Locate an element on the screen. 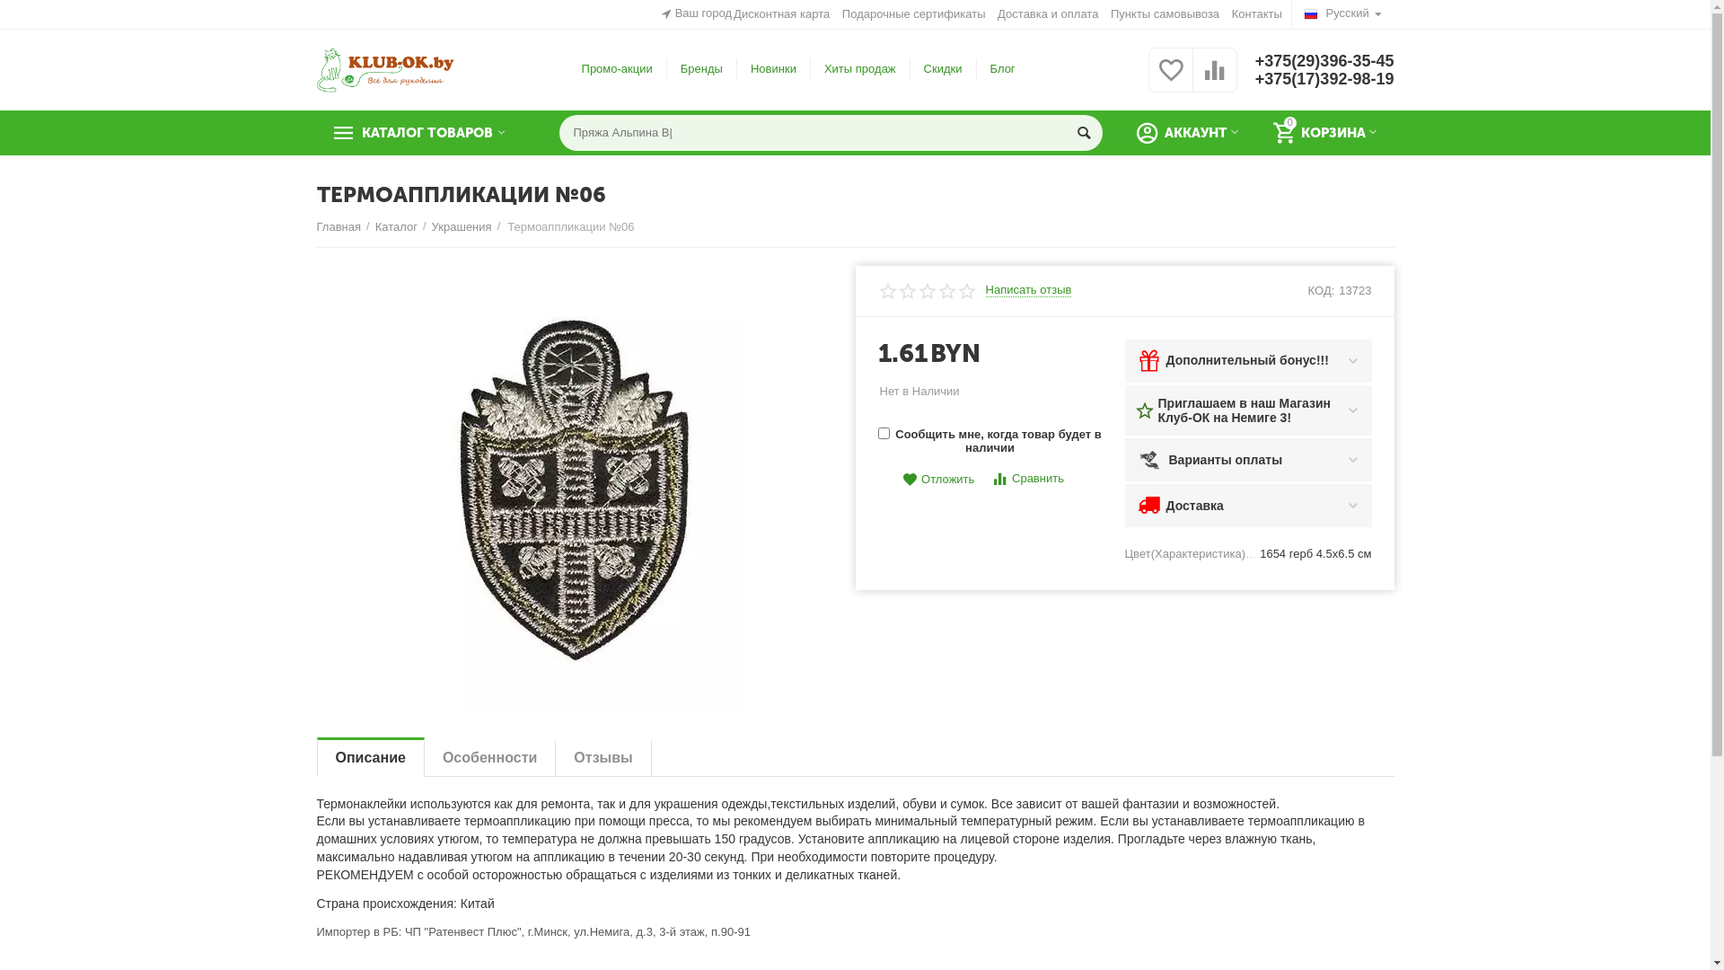 This screenshot has width=1724, height=970. '+375(17)392-98-19' is located at coordinates (1324, 78).